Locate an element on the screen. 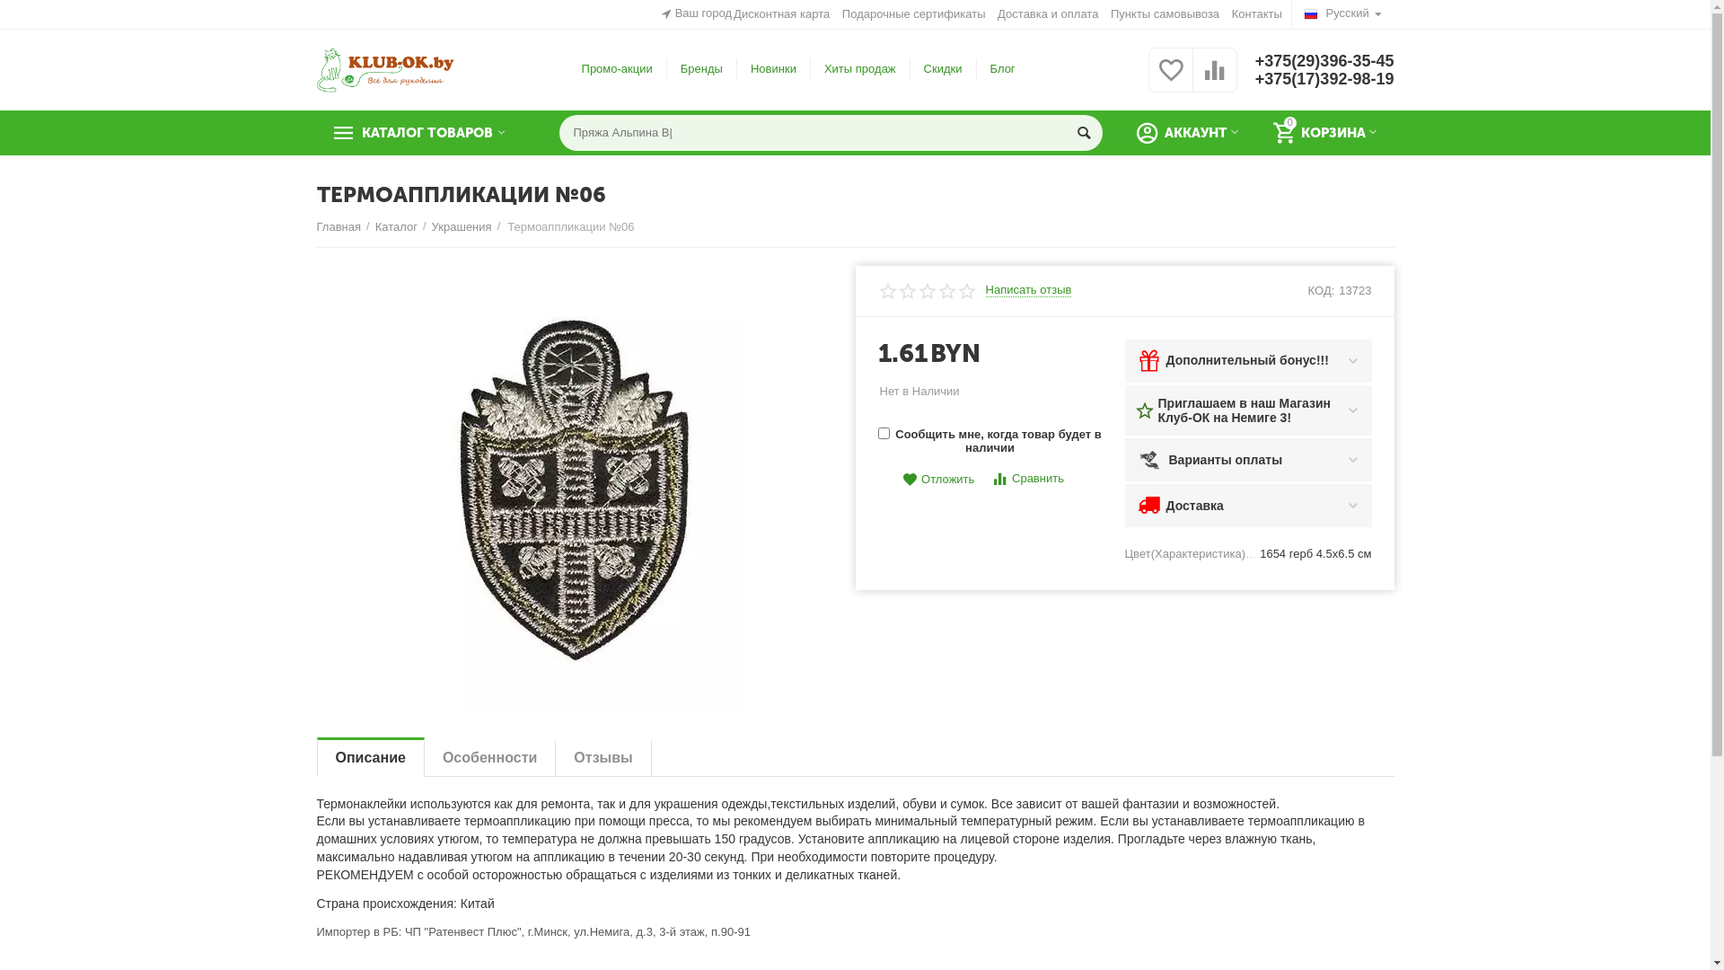 This screenshot has width=1724, height=970. '+375(17)392-98-19' is located at coordinates (1324, 78).